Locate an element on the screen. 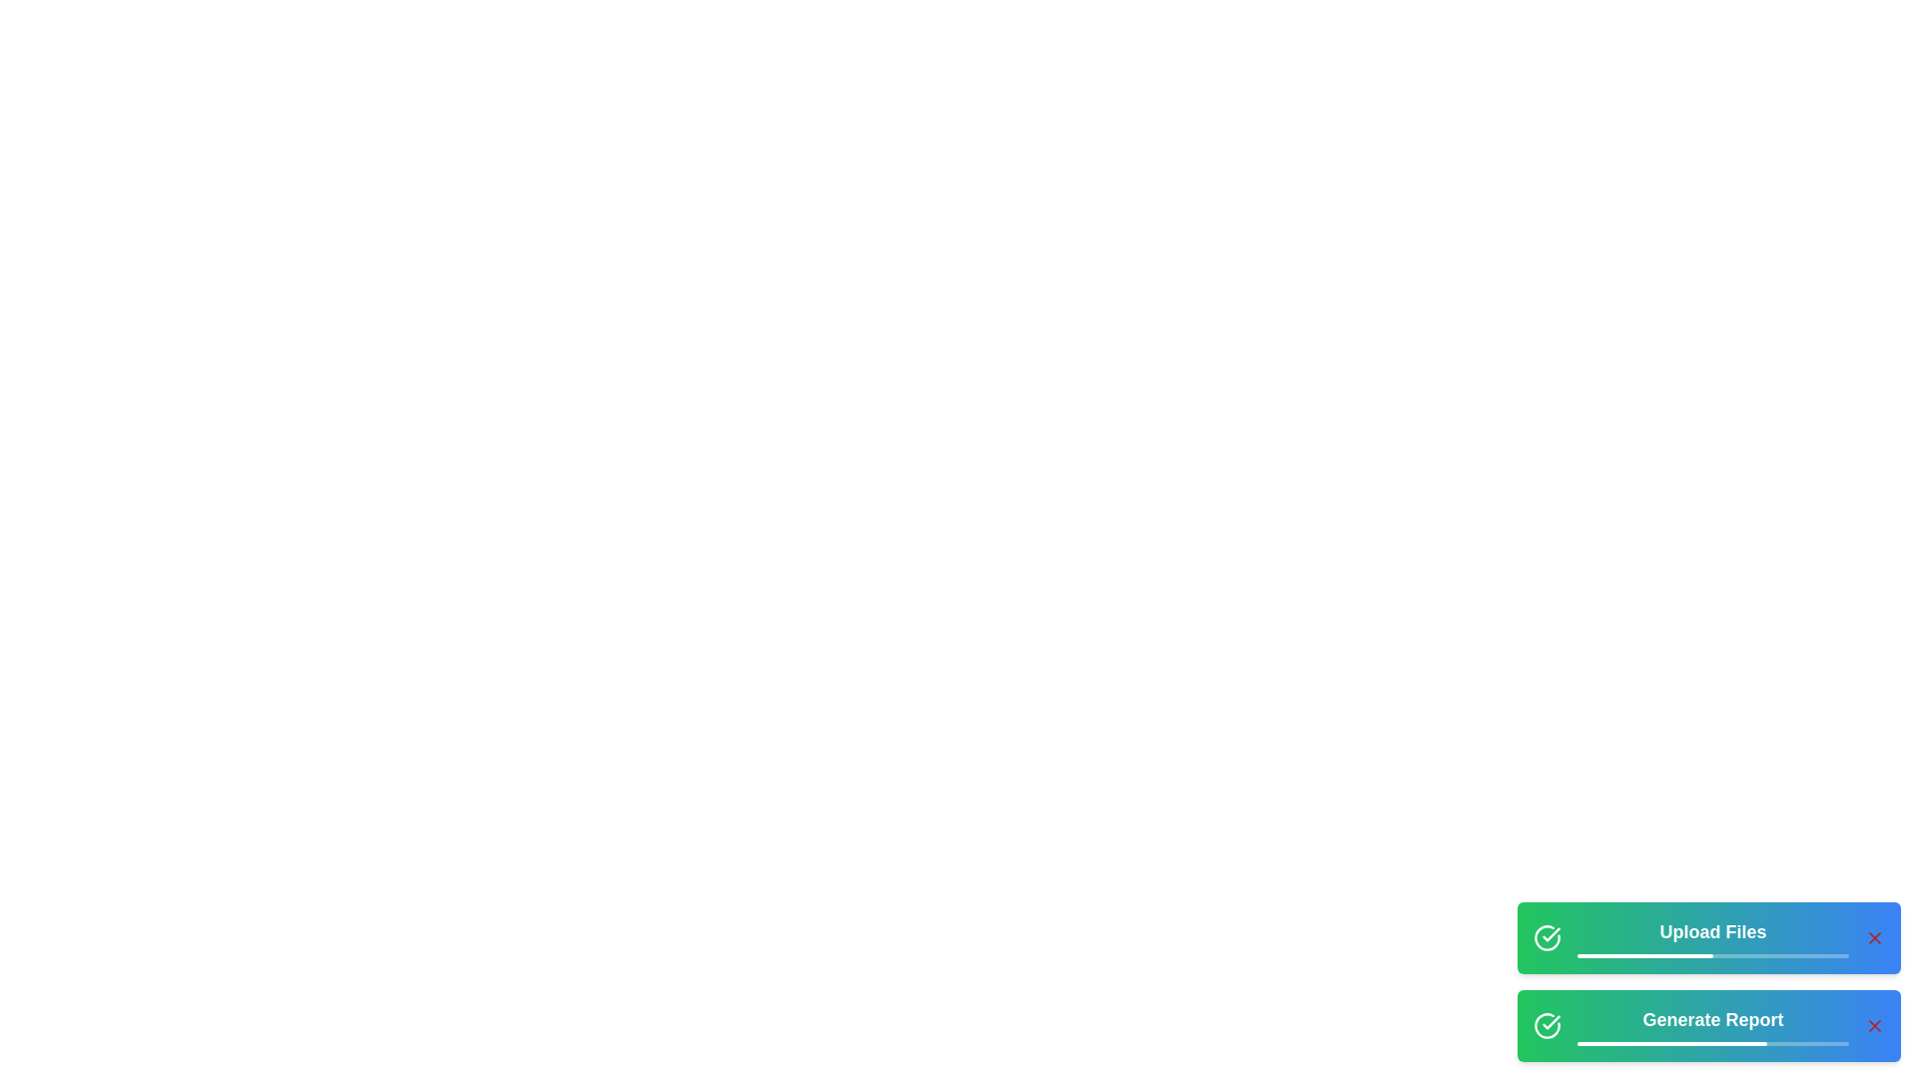 The height and width of the screenshot is (1078, 1917). cancel button for the task named Upload Files is located at coordinates (1873, 938).